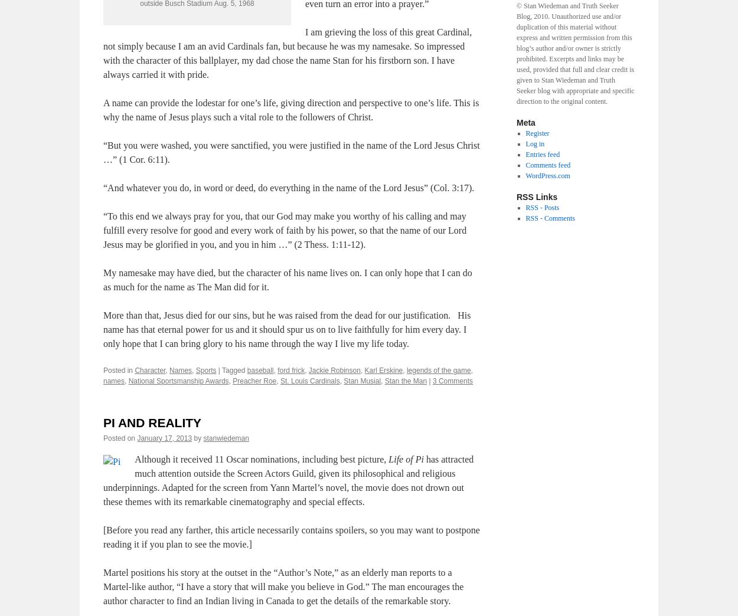  Describe the element at coordinates (233, 370) in the screenshot. I see `'Tagged'` at that location.